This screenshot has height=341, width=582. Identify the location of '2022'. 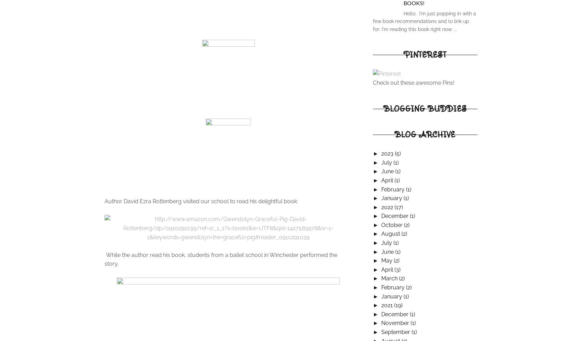
(387, 207).